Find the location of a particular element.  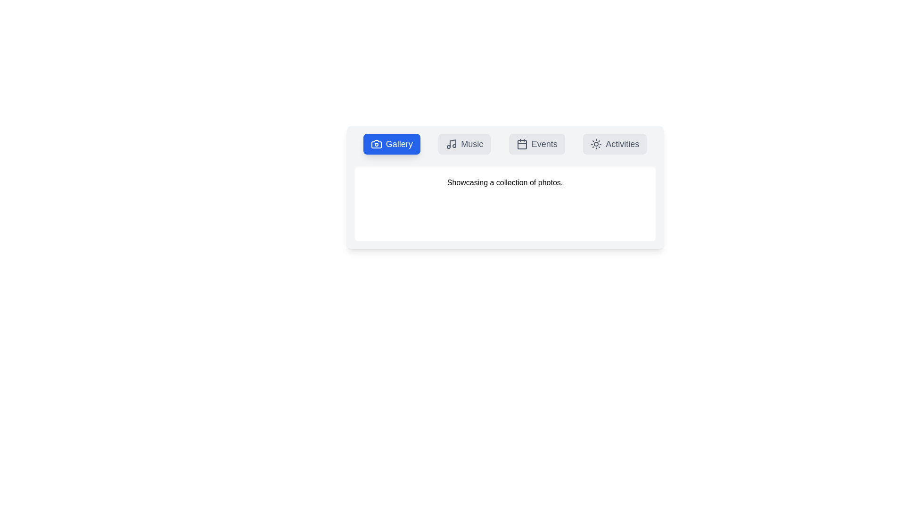

the tab labeled Activities is located at coordinates (615, 144).